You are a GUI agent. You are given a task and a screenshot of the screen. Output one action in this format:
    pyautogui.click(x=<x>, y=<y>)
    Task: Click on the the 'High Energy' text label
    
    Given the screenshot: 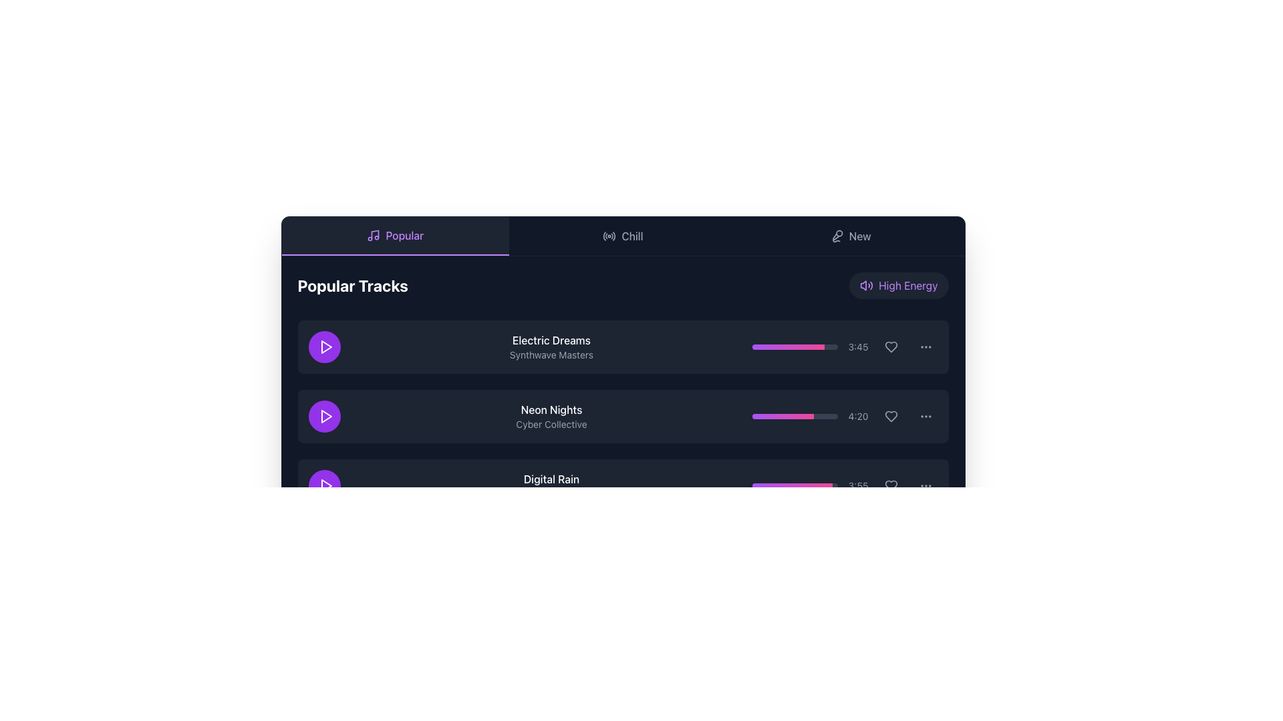 What is the action you would take?
    pyautogui.click(x=908, y=285)
    